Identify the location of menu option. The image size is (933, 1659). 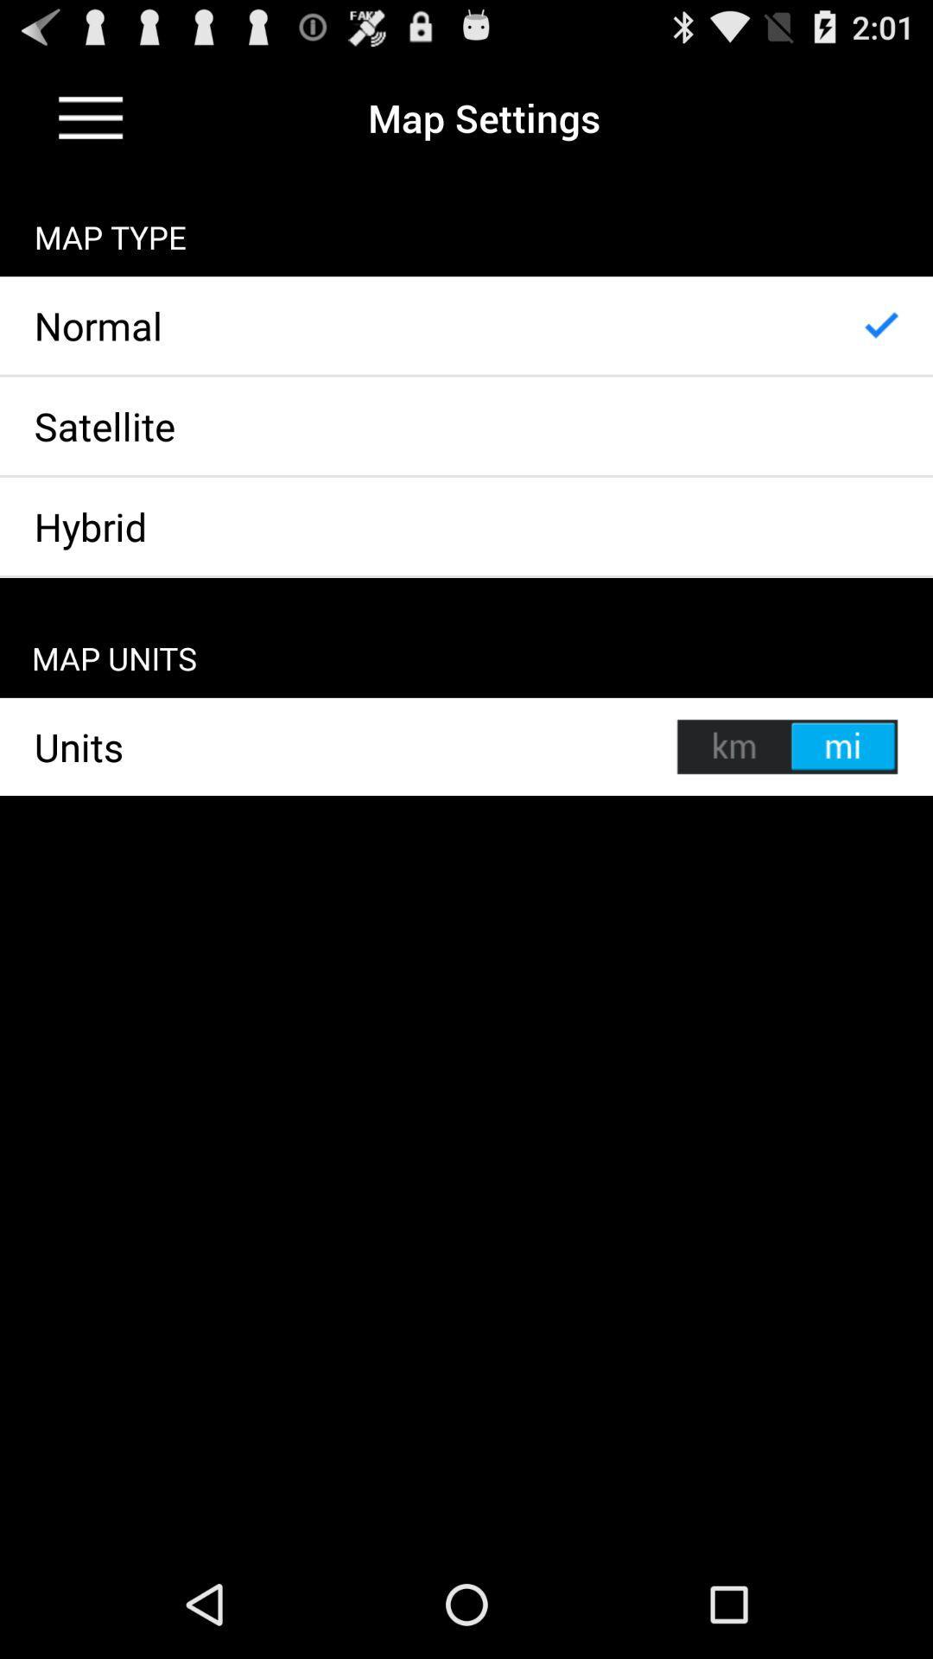
(91, 117).